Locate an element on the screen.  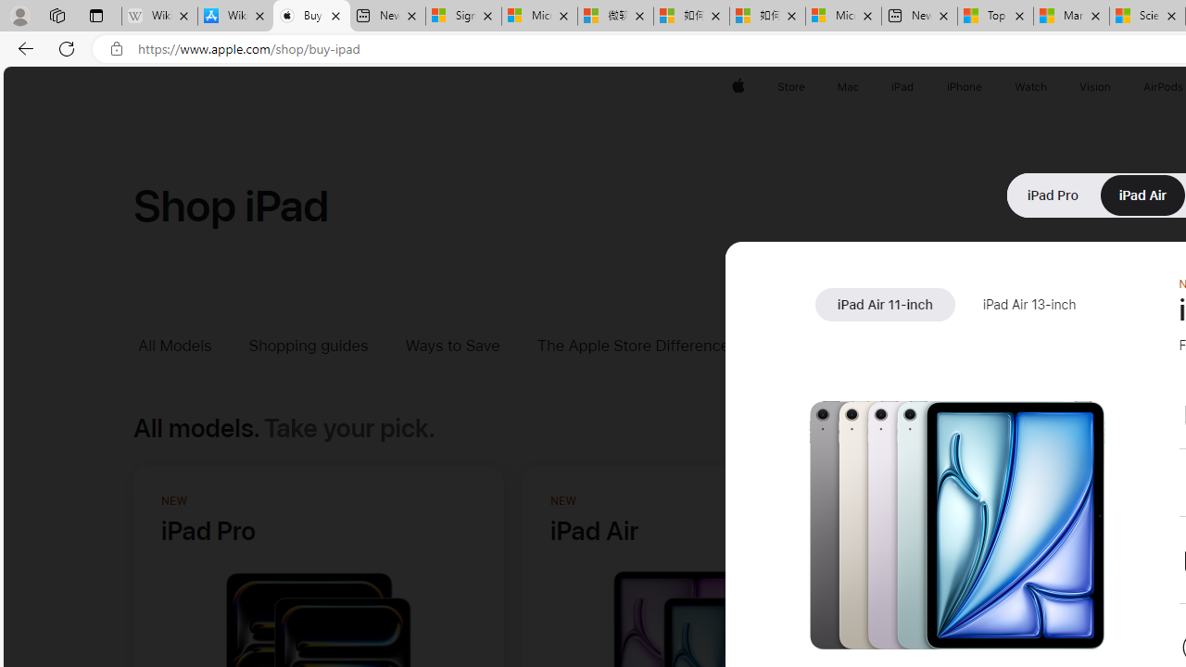
'iPad Air 13-inch' is located at coordinates (1028, 304).